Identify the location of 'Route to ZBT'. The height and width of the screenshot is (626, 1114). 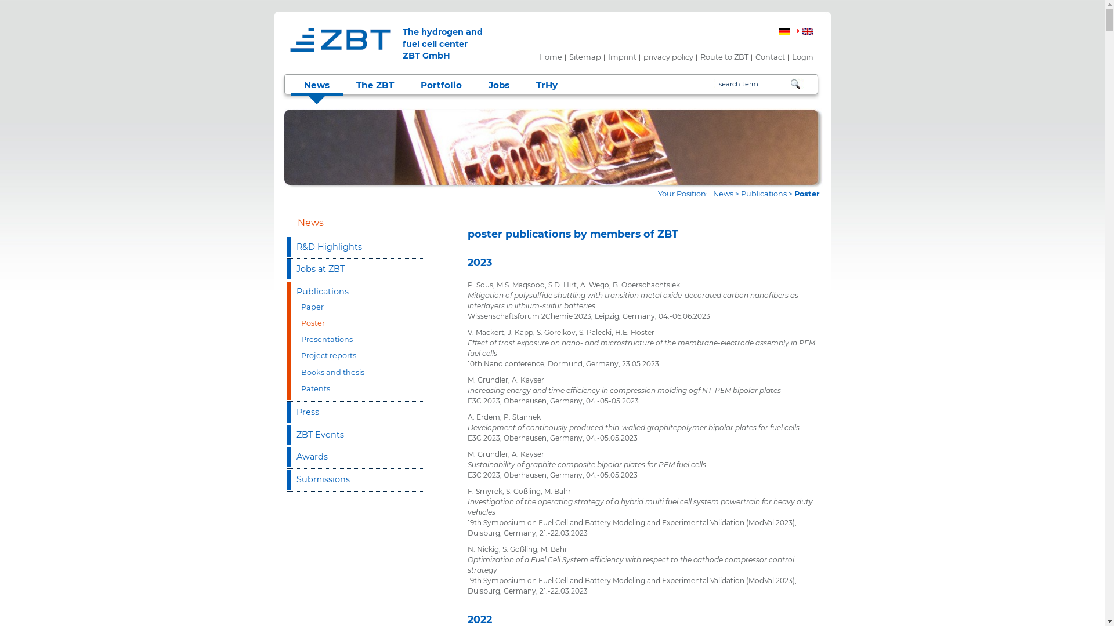
(724, 57).